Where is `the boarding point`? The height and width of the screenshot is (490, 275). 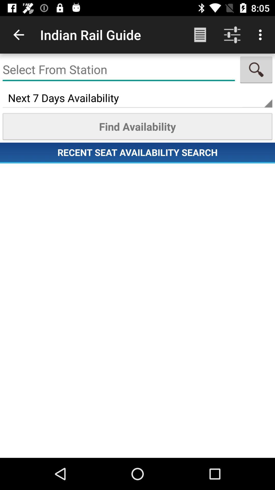 the boarding point is located at coordinates (119, 69).